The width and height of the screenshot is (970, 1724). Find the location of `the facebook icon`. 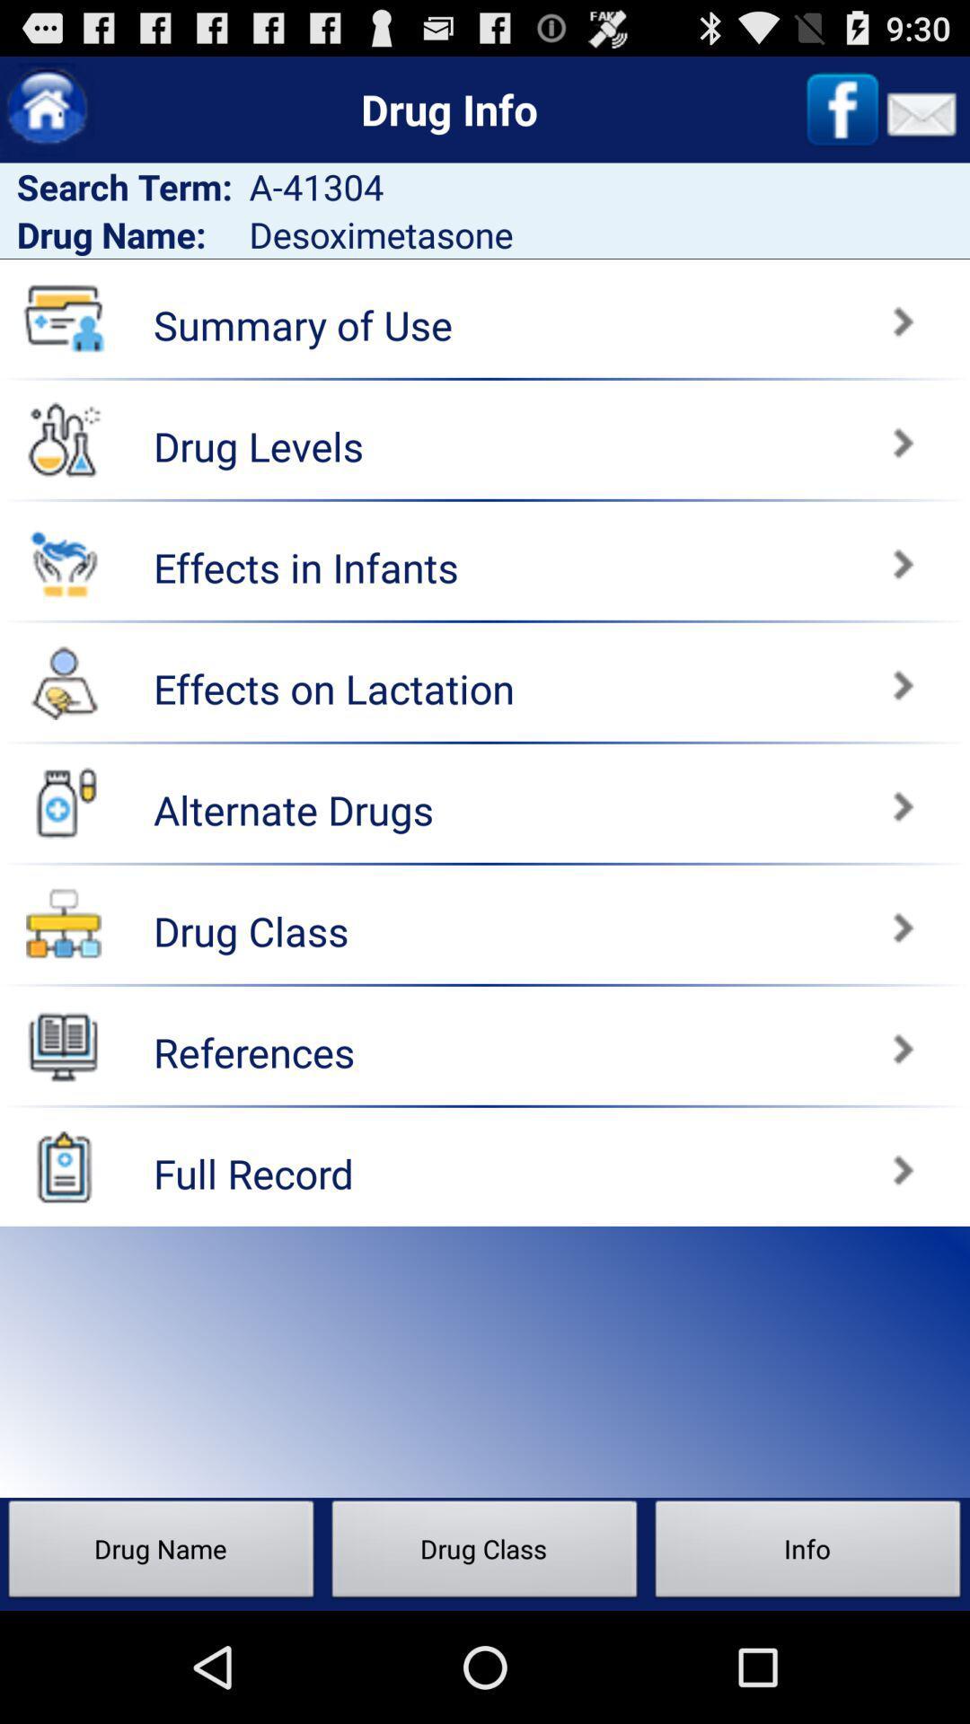

the facebook icon is located at coordinates (842, 116).